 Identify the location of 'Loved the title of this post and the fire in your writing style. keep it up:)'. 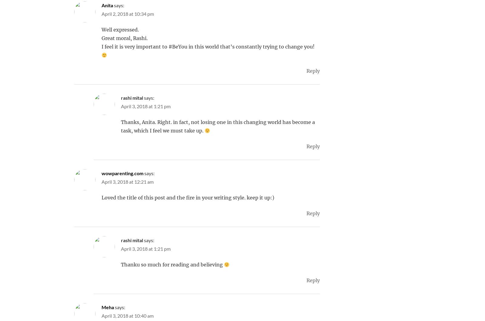
(188, 198).